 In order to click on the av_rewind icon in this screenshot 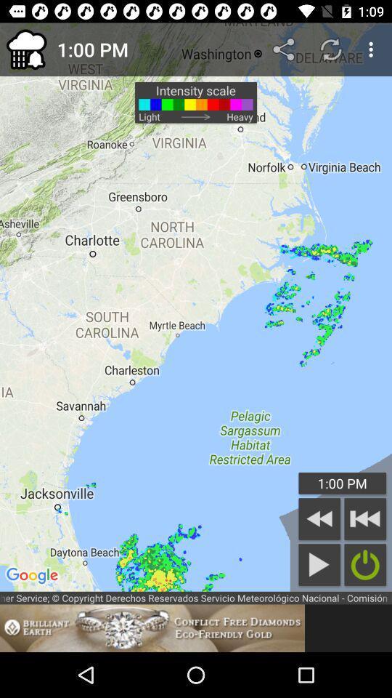, I will do `click(319, 518)`.